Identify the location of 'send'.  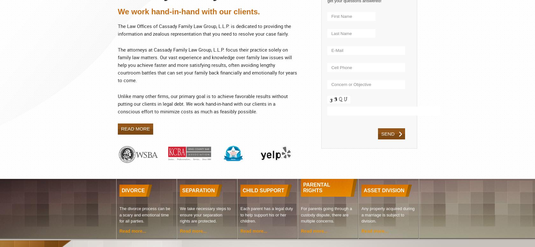
(388, 133).